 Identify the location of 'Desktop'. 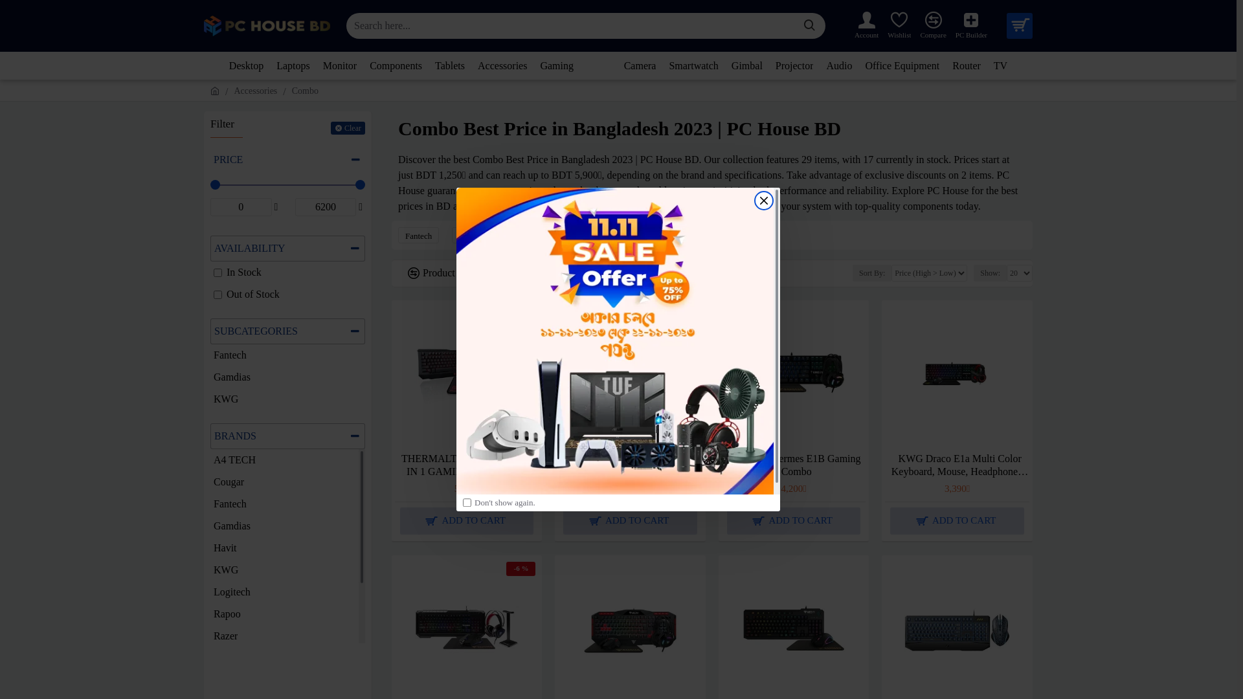
(246, 65).